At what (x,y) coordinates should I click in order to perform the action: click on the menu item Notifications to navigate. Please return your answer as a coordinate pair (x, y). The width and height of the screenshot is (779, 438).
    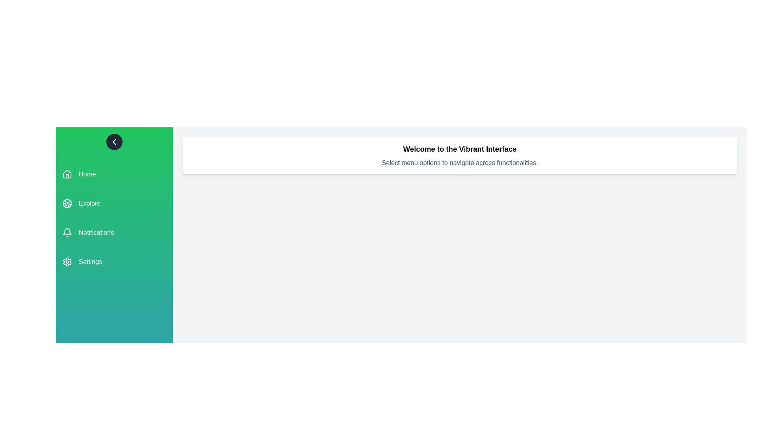
    Looking at the image, I should click on (114, 233).